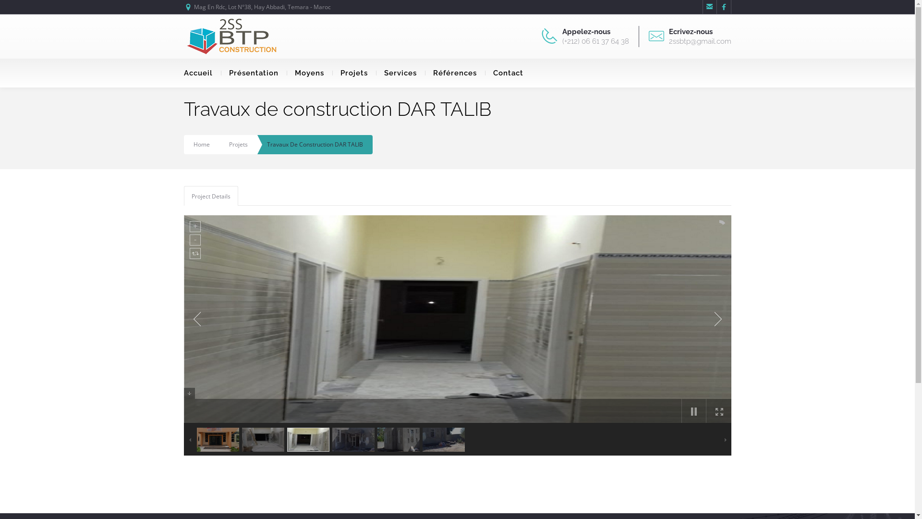 The height and width of the screenshot is (519, 922). I want to click on 'Accueil', so click(201, 72).